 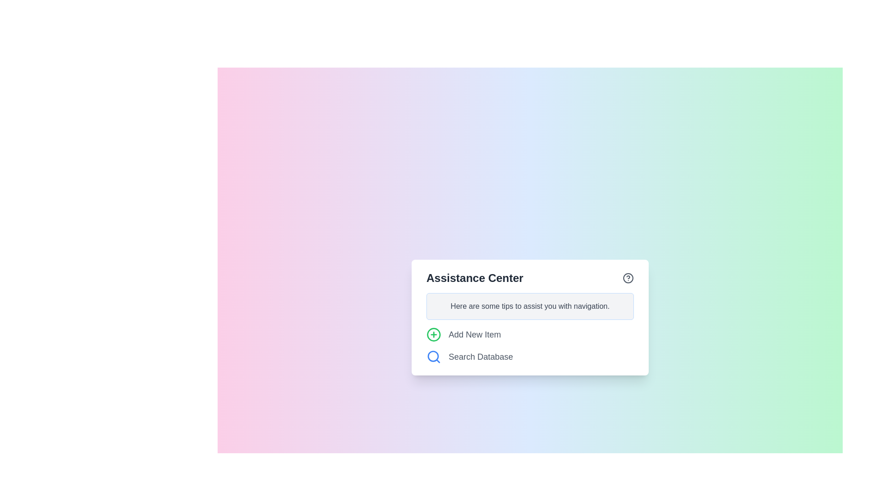 What do you see at coordinates (433, 334) in the screenshot?
I see `SVG graphic icon located in the top-left corner of the 'Add New Item' button within the Assistance Center interface` at bounding box center [433, 334].